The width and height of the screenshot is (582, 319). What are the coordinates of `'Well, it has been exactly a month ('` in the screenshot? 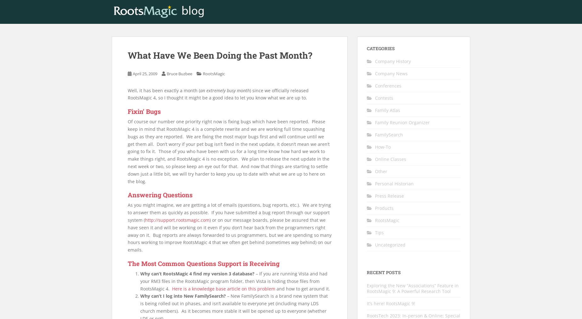 It's located at (164, 90).